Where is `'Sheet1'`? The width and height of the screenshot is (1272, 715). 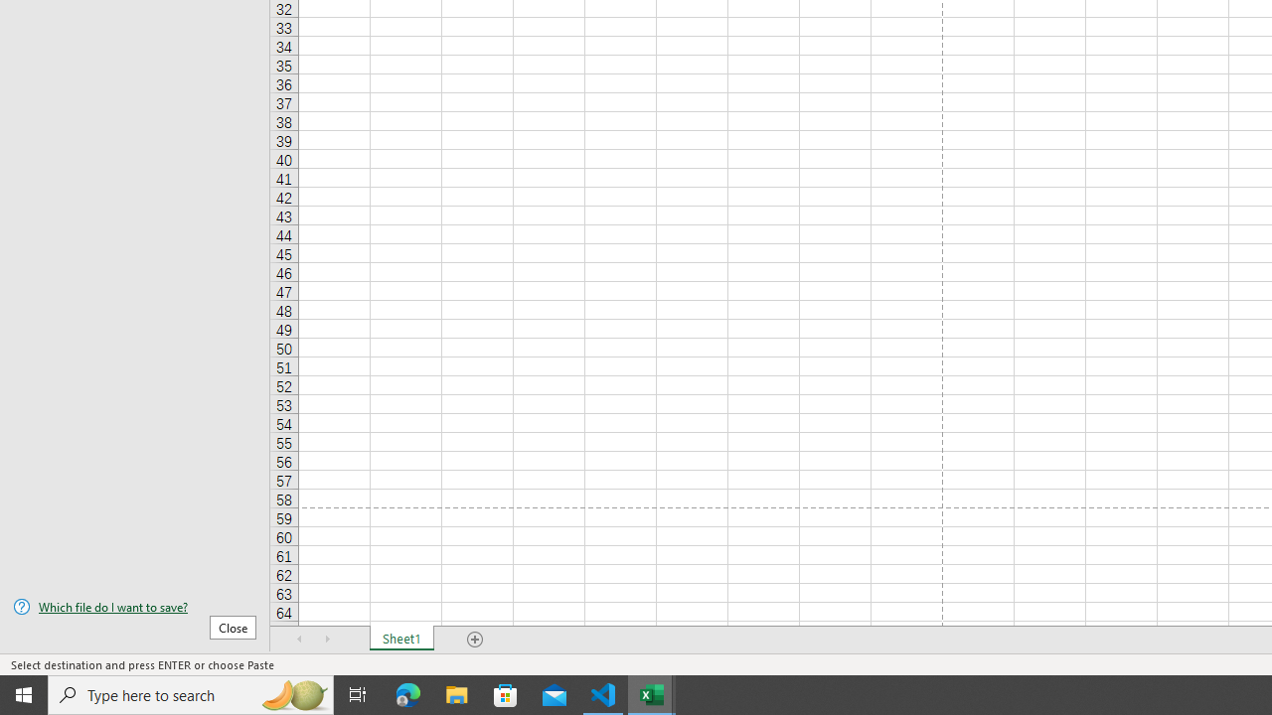 'Sheet1' is located at coordinates (400, 640).